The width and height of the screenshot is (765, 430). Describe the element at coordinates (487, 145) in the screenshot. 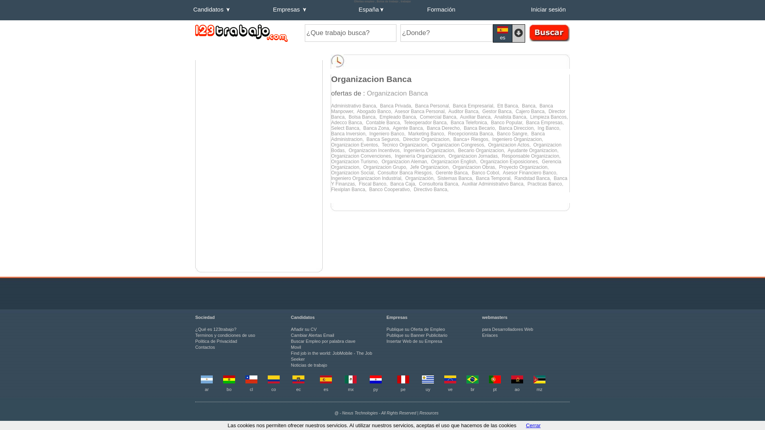

I see `'Organizacion Actos, '` at that location.